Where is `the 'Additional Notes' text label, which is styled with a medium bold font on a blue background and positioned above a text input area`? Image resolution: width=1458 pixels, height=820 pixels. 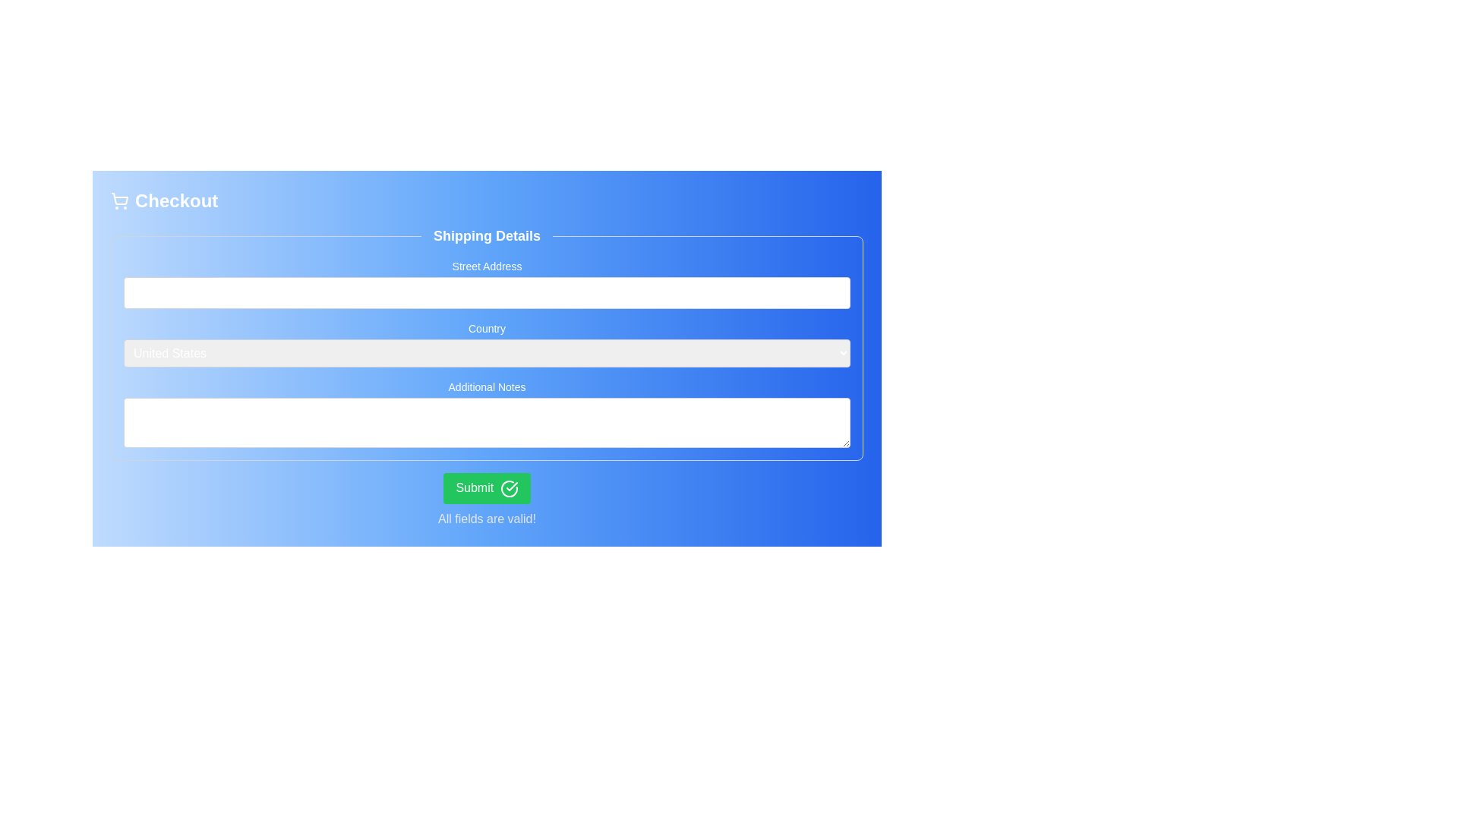 the 'Additional Notes' text label, which is styled with a medium bold font on a blue background and positioned above a text input area is located at coordinates (487, 386).